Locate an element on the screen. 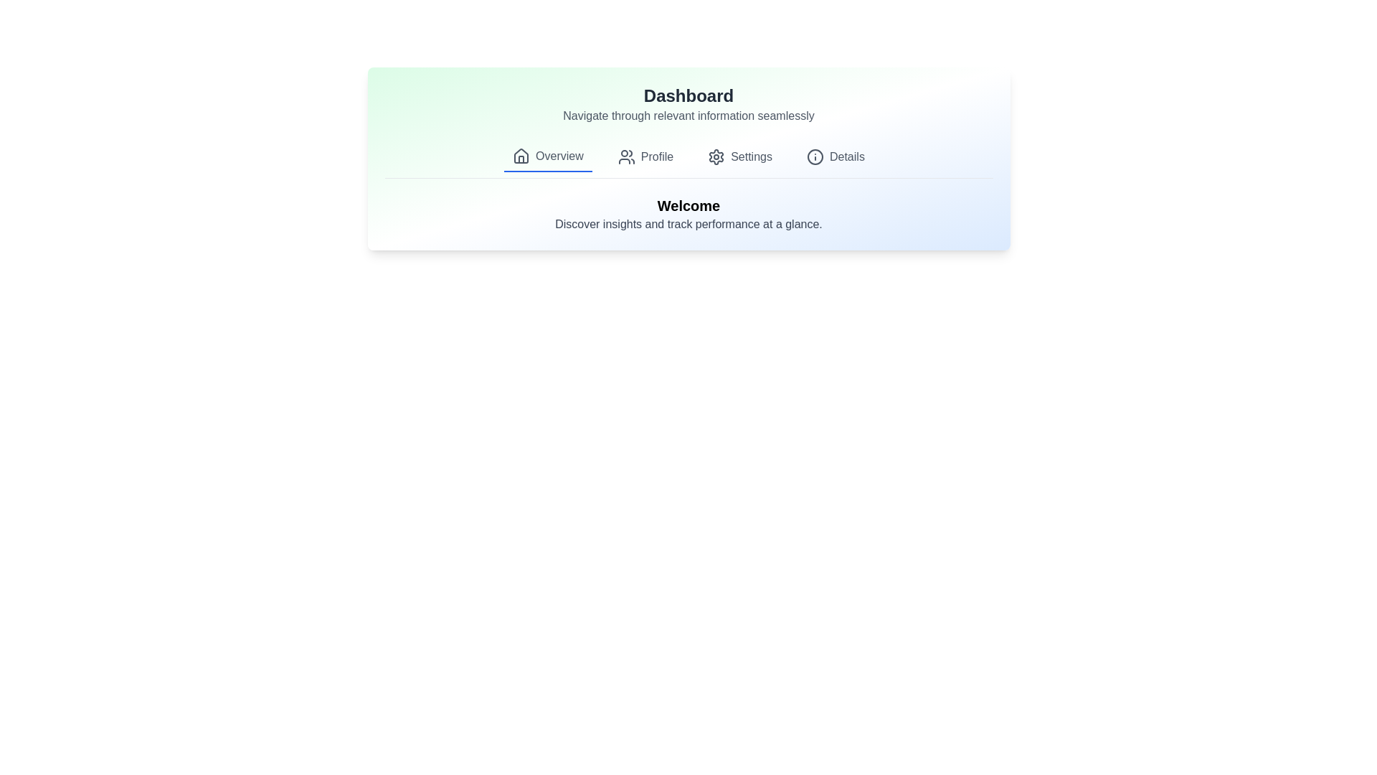 The width and height of the screenshot is (1377, 775). the circular icon with a dark outline and a vertical line with a dot above it, located in the navigation bar under the 'Details' label is located at coordinates (815, 157).